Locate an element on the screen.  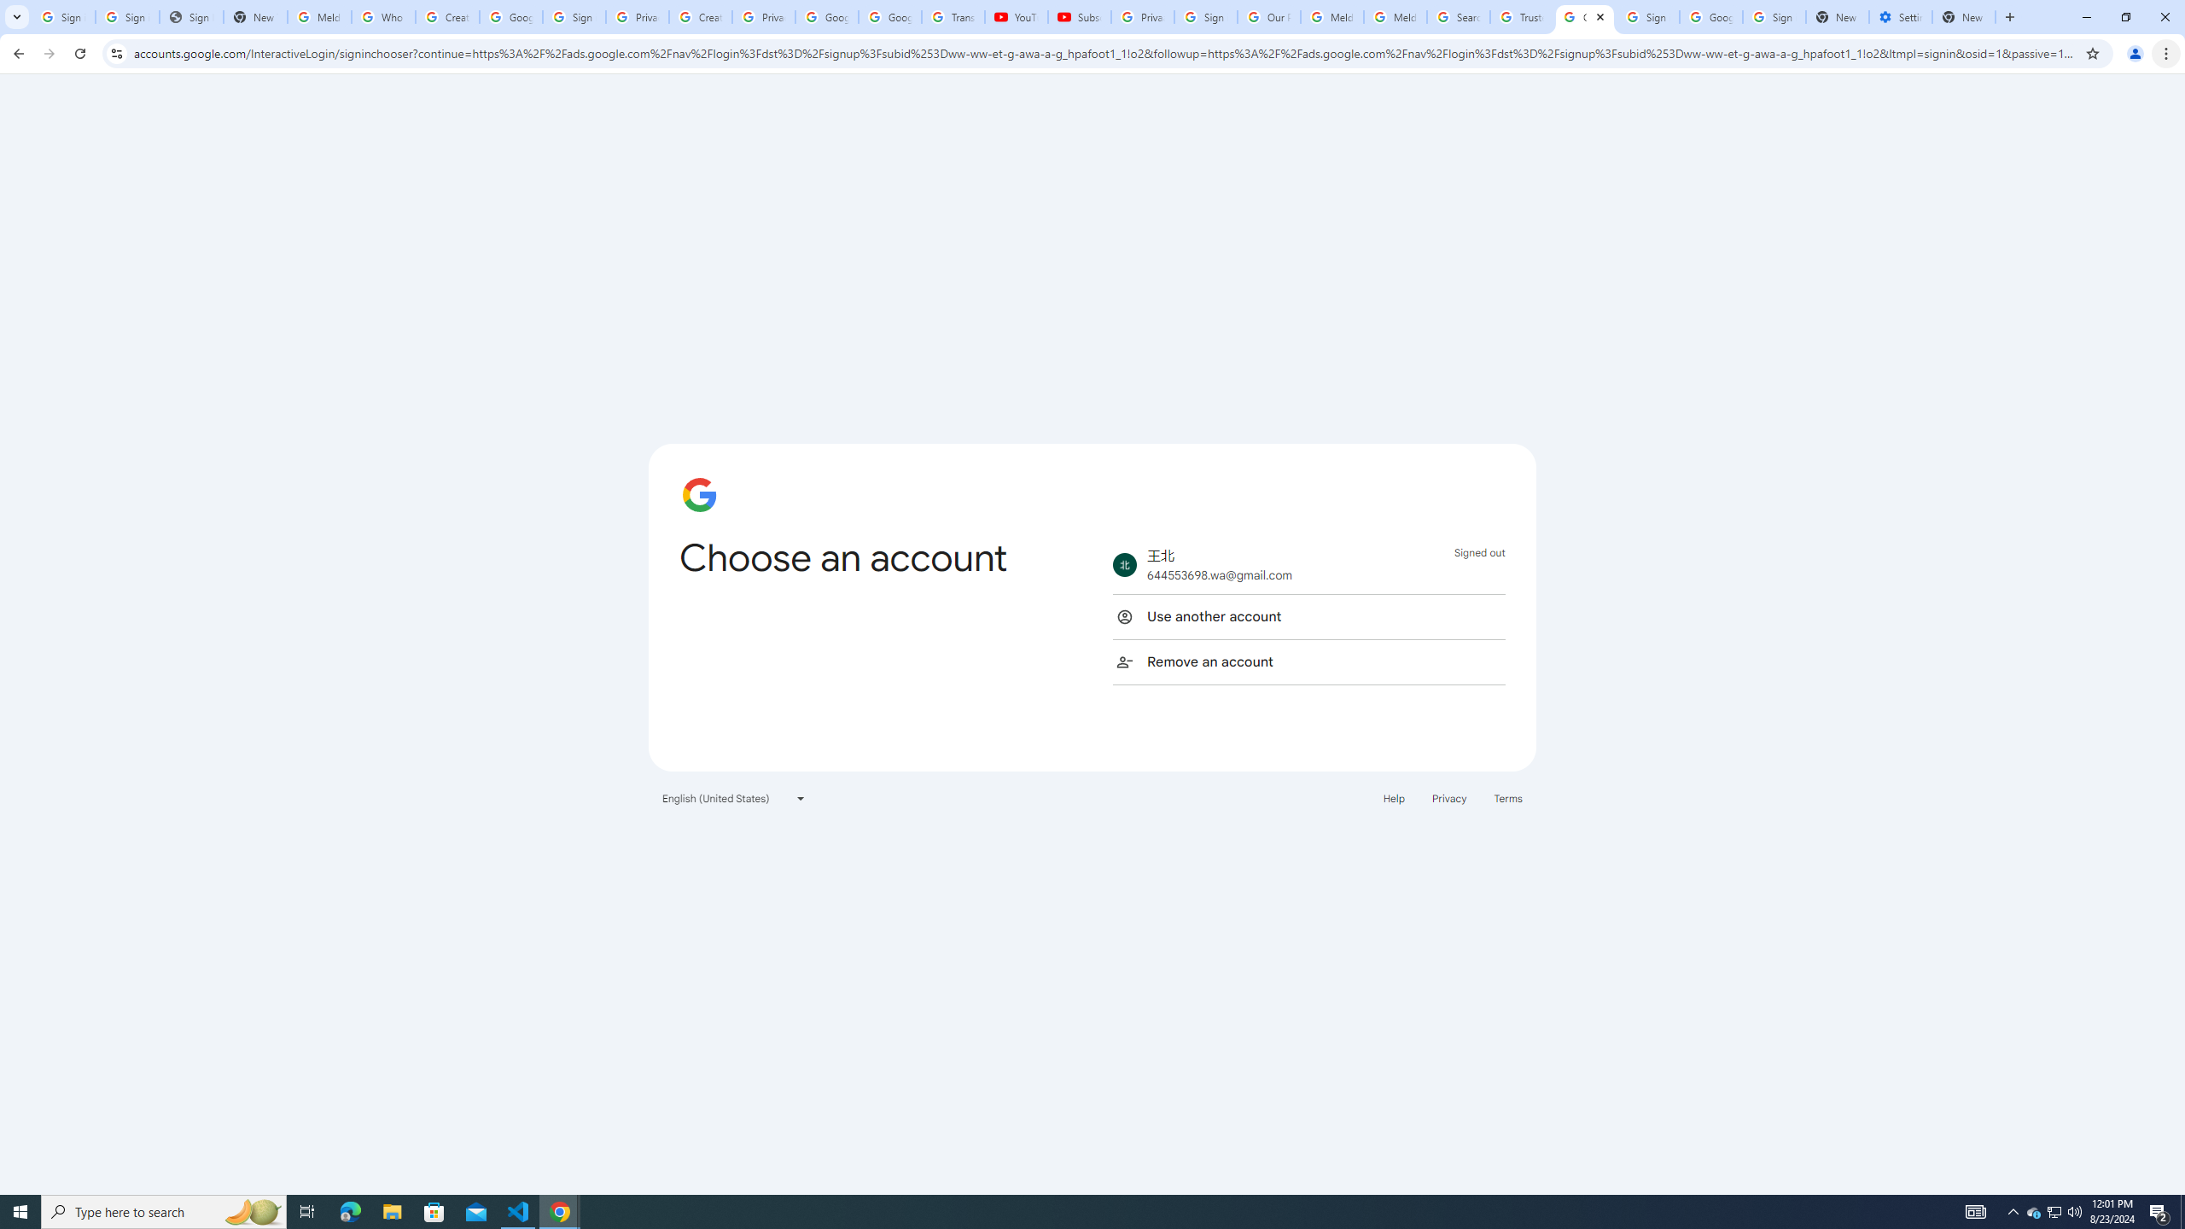
'Subscriptions - YouTube' is located at coordinates (1078, 16).